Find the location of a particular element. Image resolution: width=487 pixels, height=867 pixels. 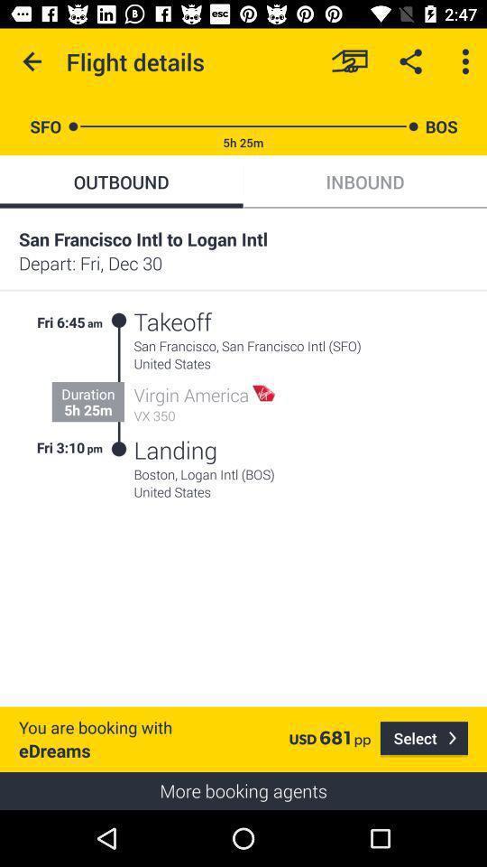

the item above boston logan intl icon is located at coordinates (175, 449).